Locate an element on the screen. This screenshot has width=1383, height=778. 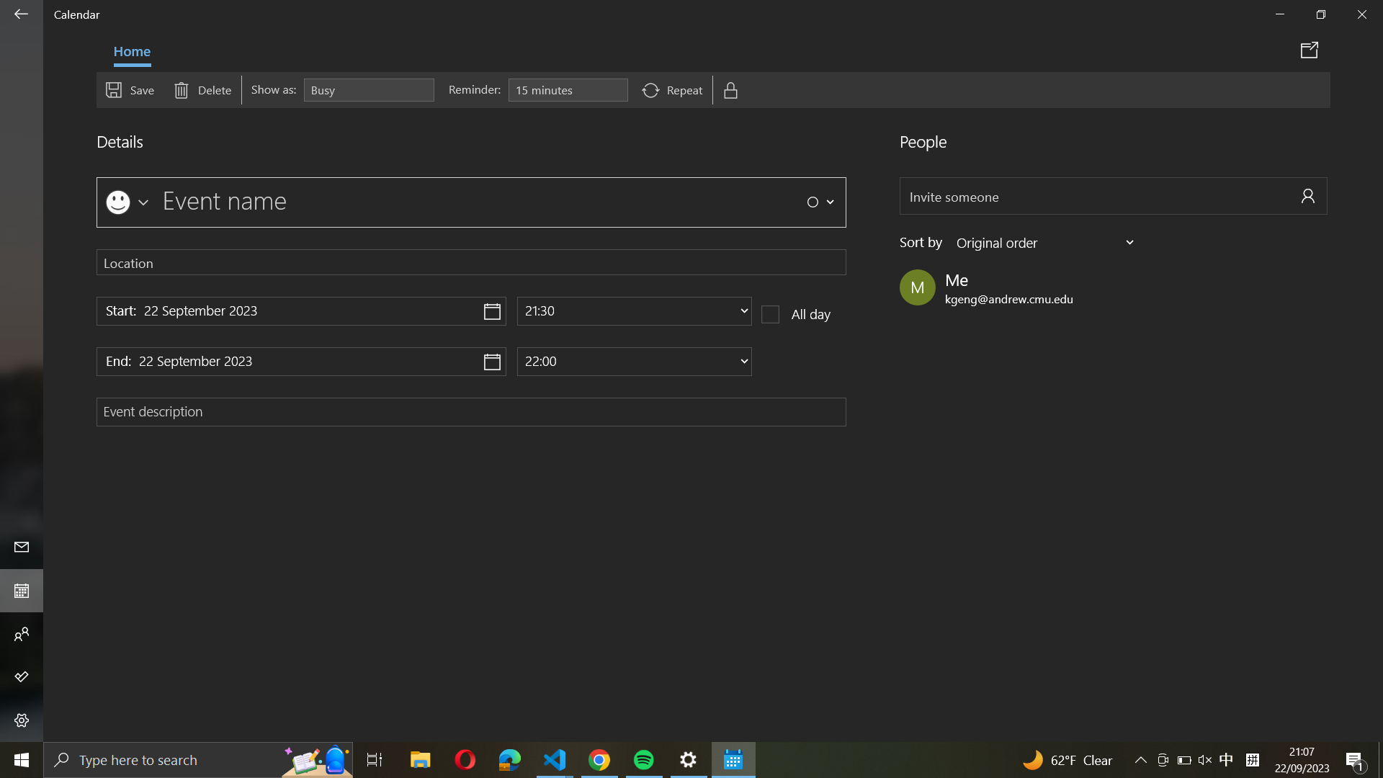
Program the conclusion time of the event to 7:00 PM is located at coordinates (634, 360).